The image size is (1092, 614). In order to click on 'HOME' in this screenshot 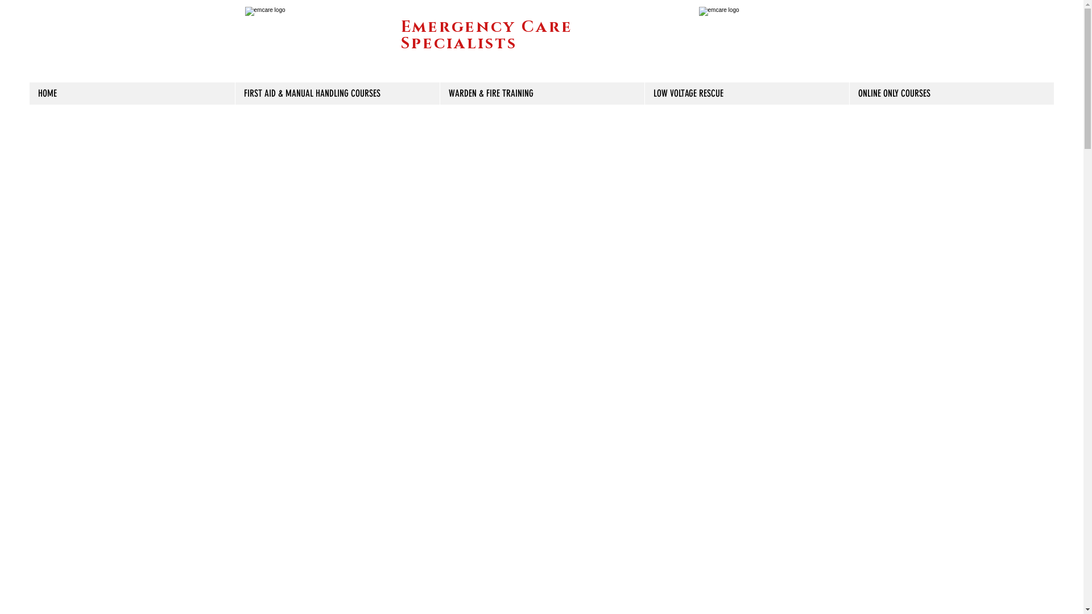, I will do `click(132, 93)`.